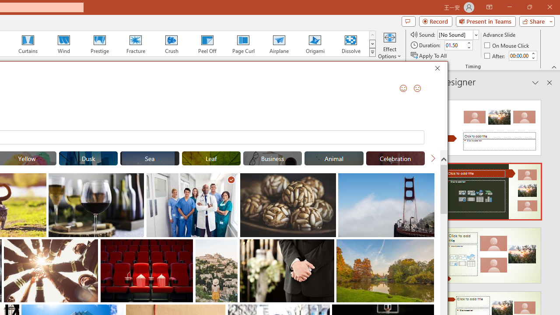  I want to click on 'Origami', so click(315, 44).